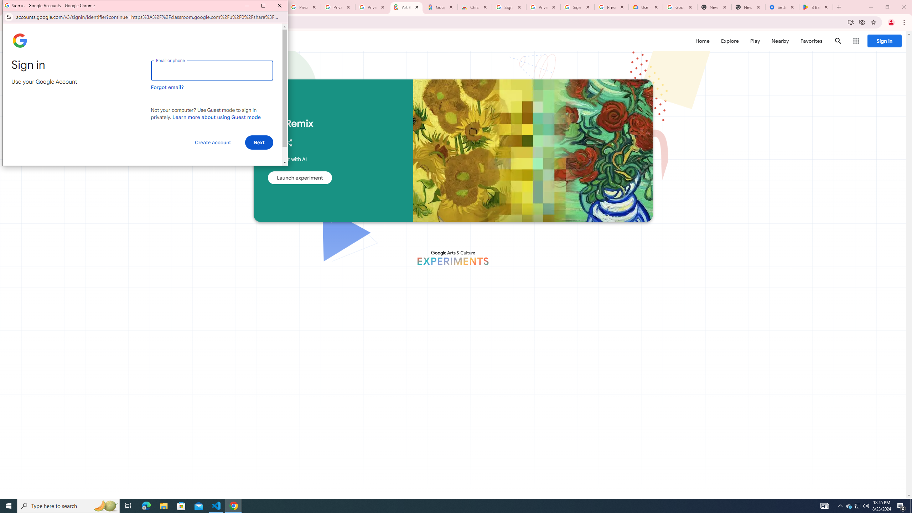 Image resolution: width=912 pixels, height=513 pixels. What do you see at coordinates (779, 41) in the screenshot?
I see `'Nearby'` at bounding box center [779, 41].